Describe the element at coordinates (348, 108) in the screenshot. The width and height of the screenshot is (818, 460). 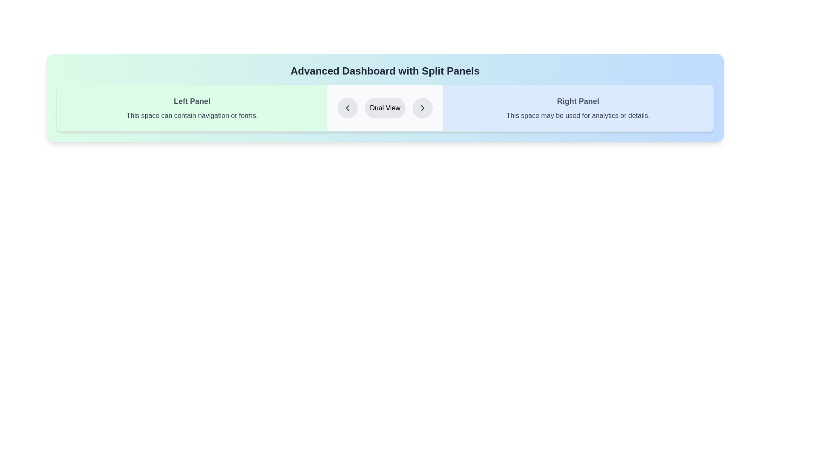
I see `the left-pointing chevron icon inside the circular light-gray button for keyboard navigation` at that location.